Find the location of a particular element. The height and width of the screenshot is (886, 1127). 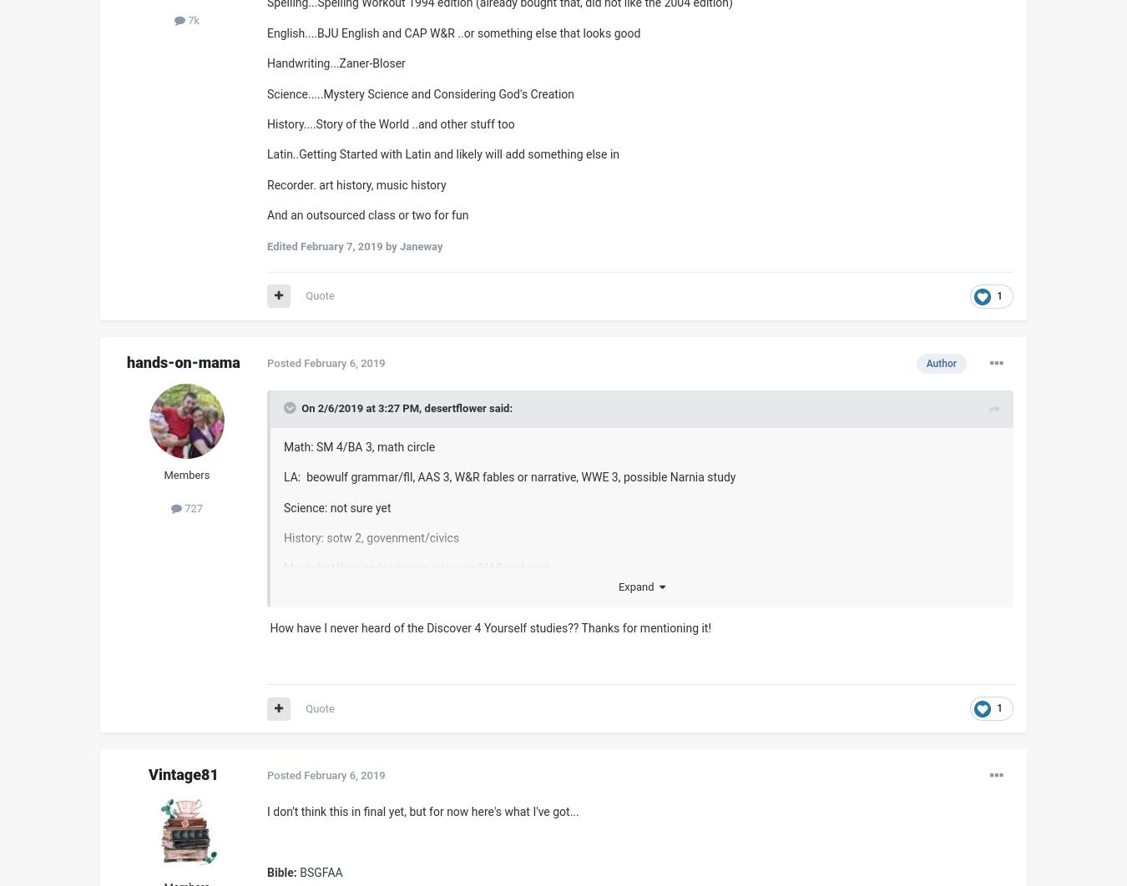

'Vintage81' is located at coordinates (183, 773).